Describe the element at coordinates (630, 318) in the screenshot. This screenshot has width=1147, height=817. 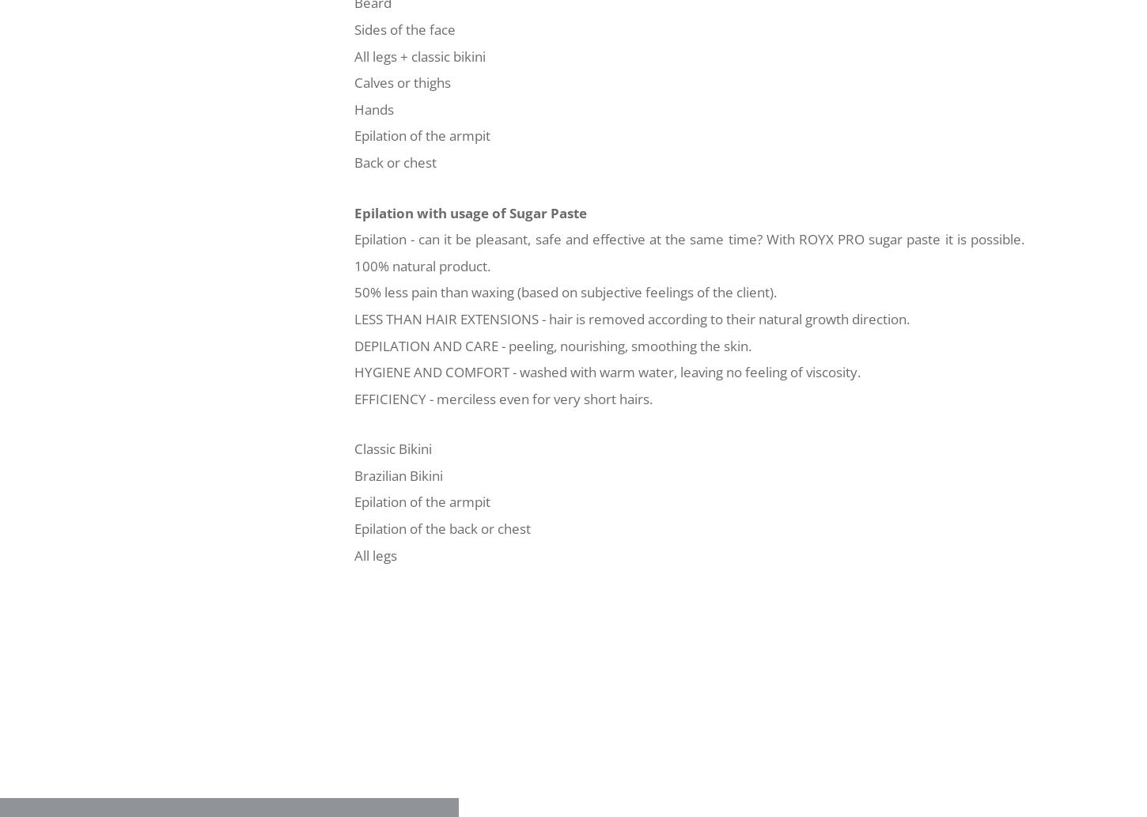
I see `'LESS THAN HAIR EXTENSIONS - hair is removed according to their natural growth direction.'` at that location.